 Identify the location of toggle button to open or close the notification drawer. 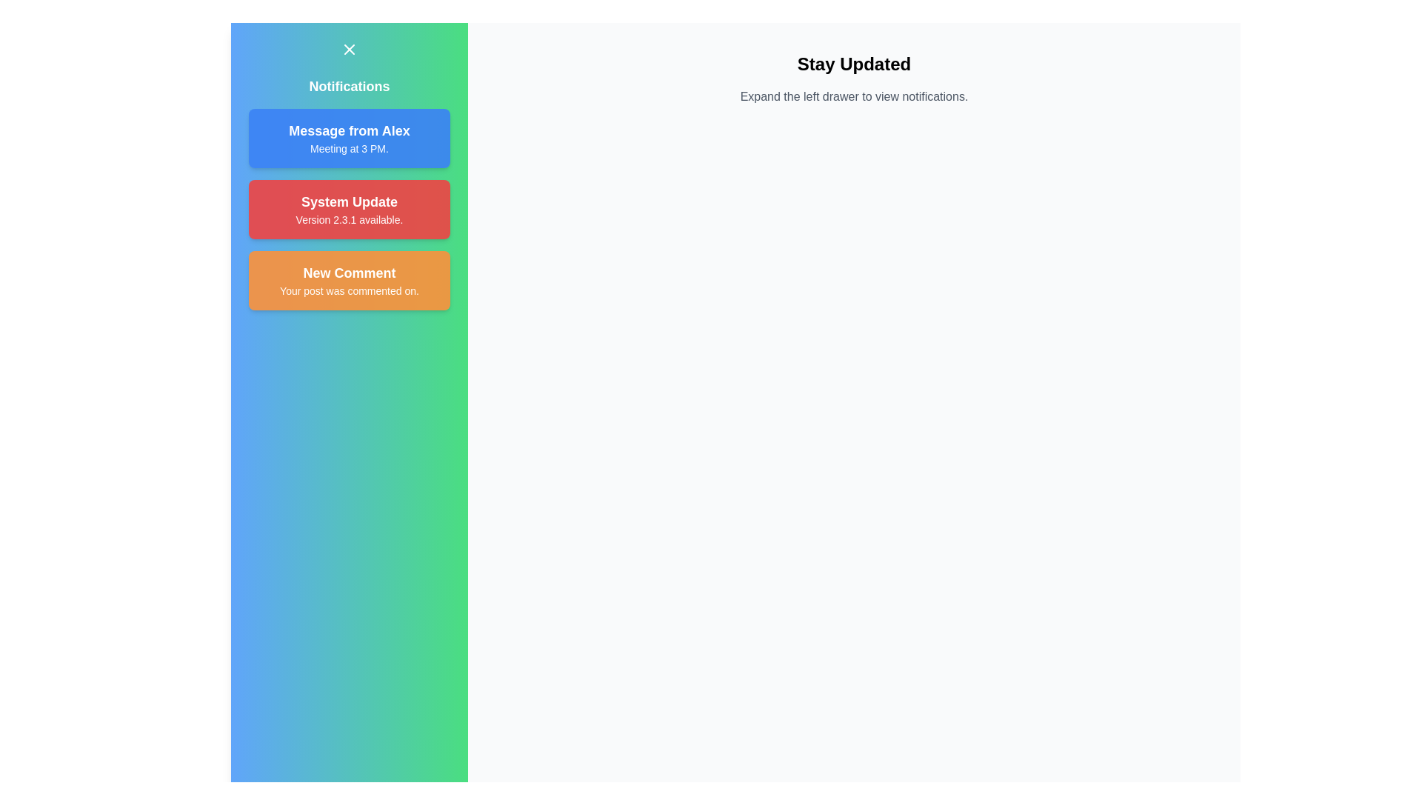
(348, 48).